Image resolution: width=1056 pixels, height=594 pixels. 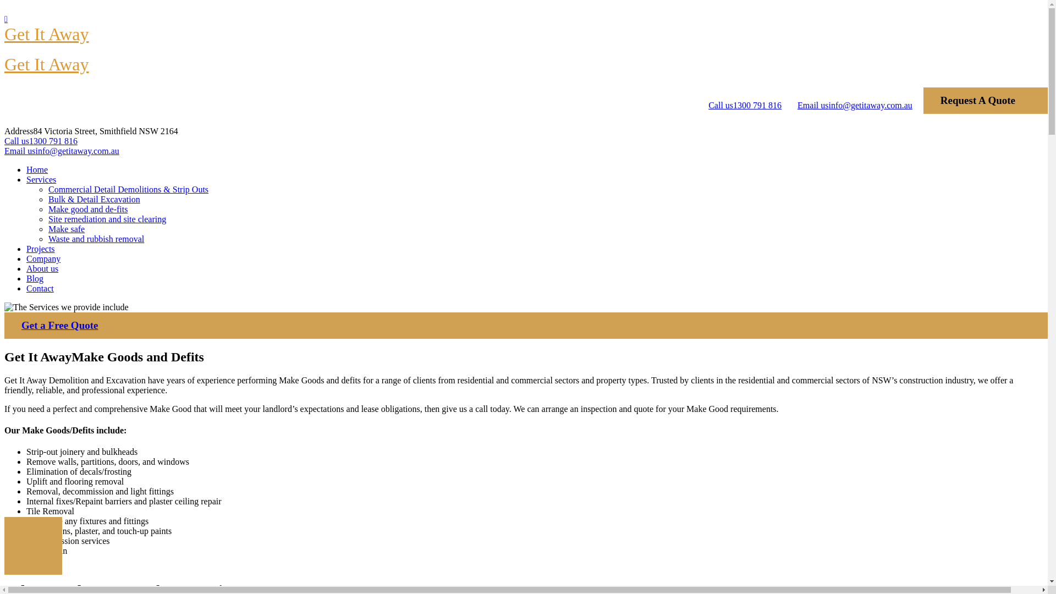 I want to click on 'Make safe', so click(x=47, y=228).